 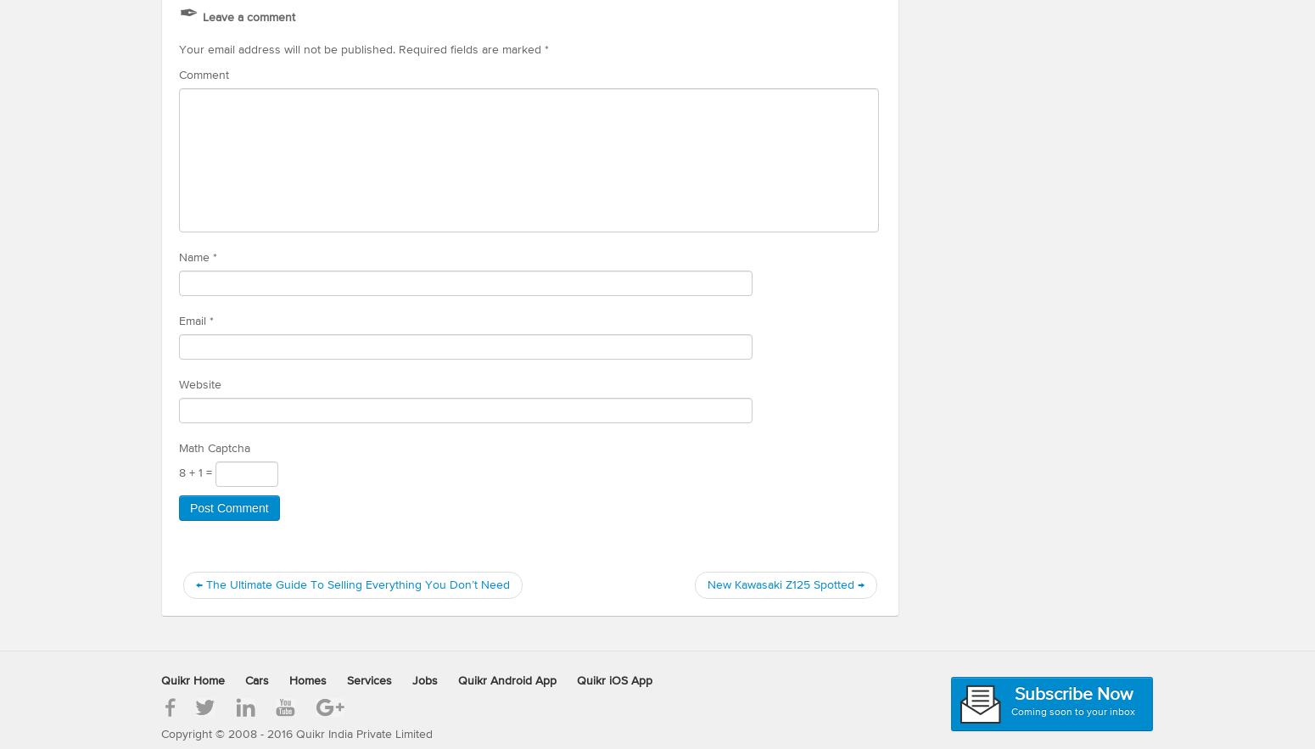 What do you see at coordinates (295, 732) in the screenshot?
I see `'Copyright © 2008 - 2016 Quikr India Private Limited'` at bounding box center [295, 732].